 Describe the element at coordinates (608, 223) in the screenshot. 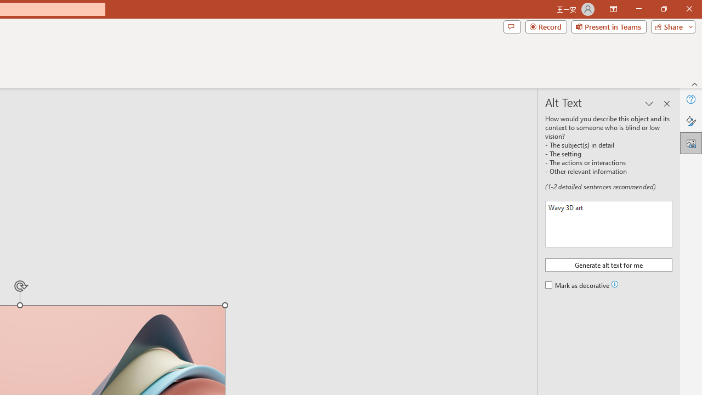

I see `'Description'` at that location.